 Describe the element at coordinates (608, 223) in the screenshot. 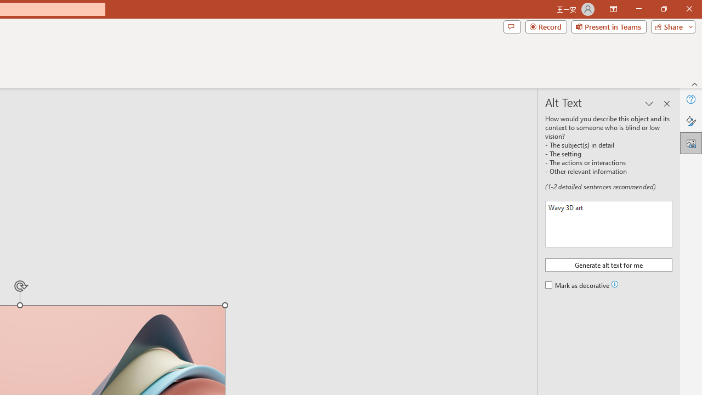

I see `'Description'` at that location.